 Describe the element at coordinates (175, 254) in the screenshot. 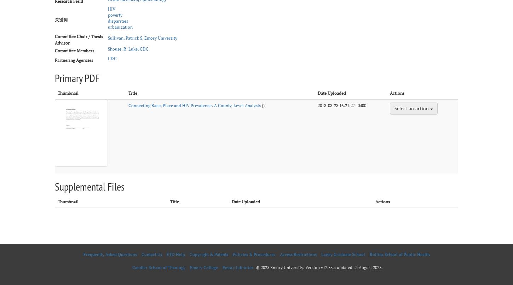

I see `'ETD Help'` at that location.